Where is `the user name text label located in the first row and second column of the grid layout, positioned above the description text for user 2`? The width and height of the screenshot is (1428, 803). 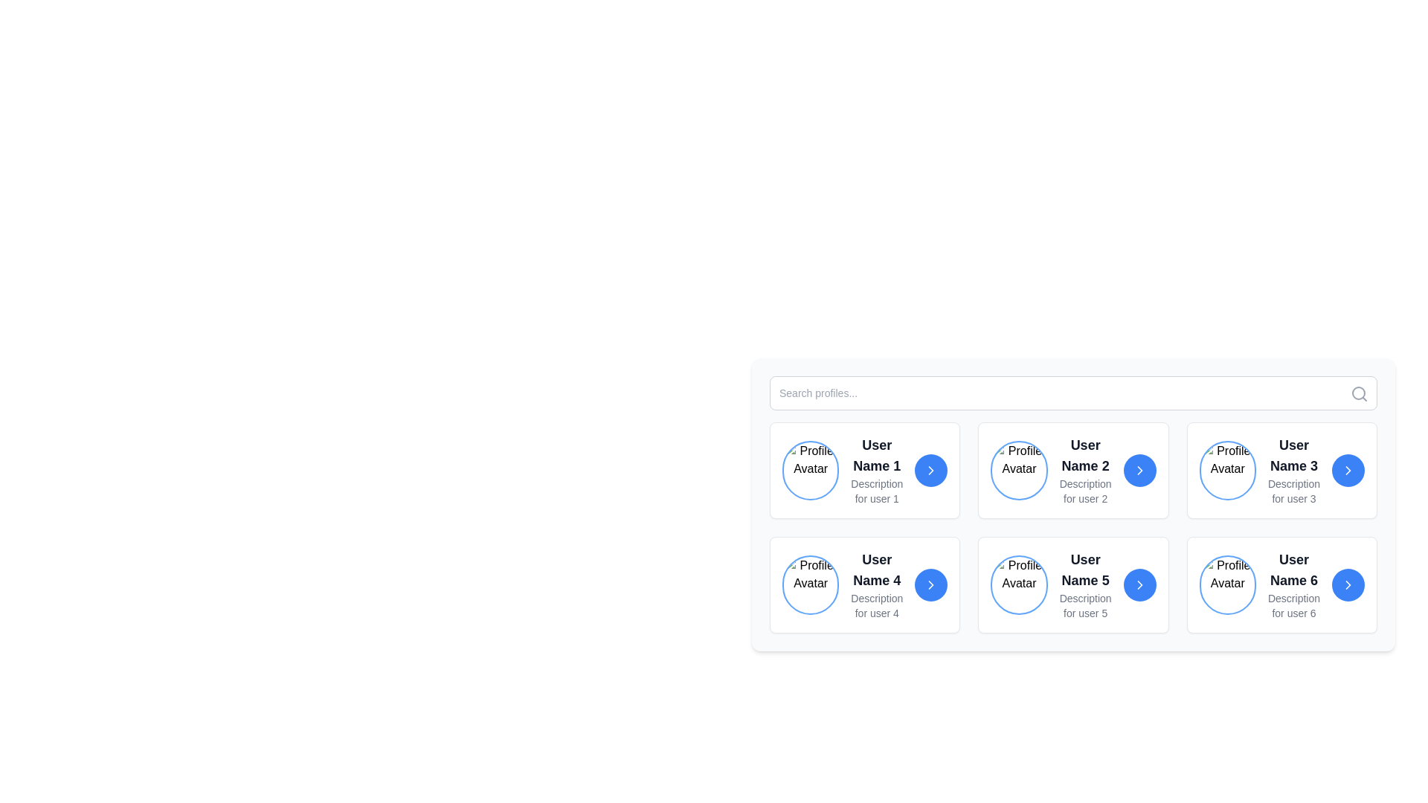 the user name text label located in the first row and second column of the grid layout, positioned above the description text for user 2 is located at coordinates (1085, 455).